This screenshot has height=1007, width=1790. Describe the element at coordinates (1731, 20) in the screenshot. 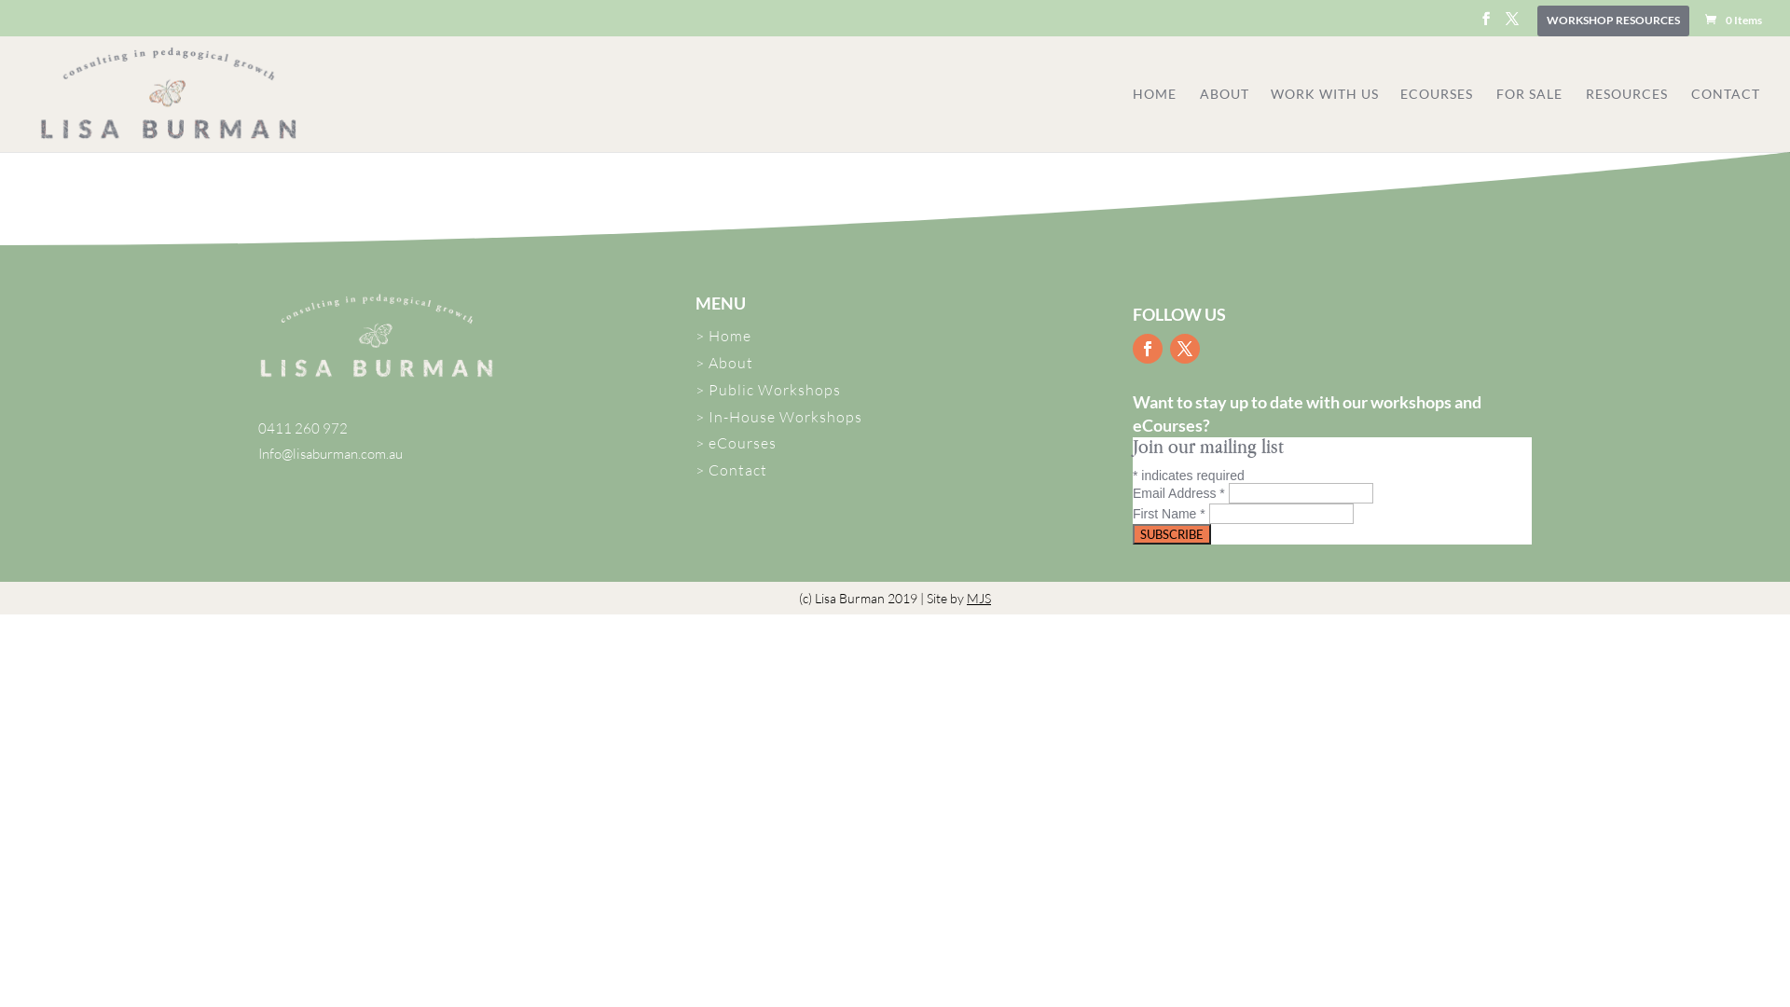

I see `'0 Items'` at that location.